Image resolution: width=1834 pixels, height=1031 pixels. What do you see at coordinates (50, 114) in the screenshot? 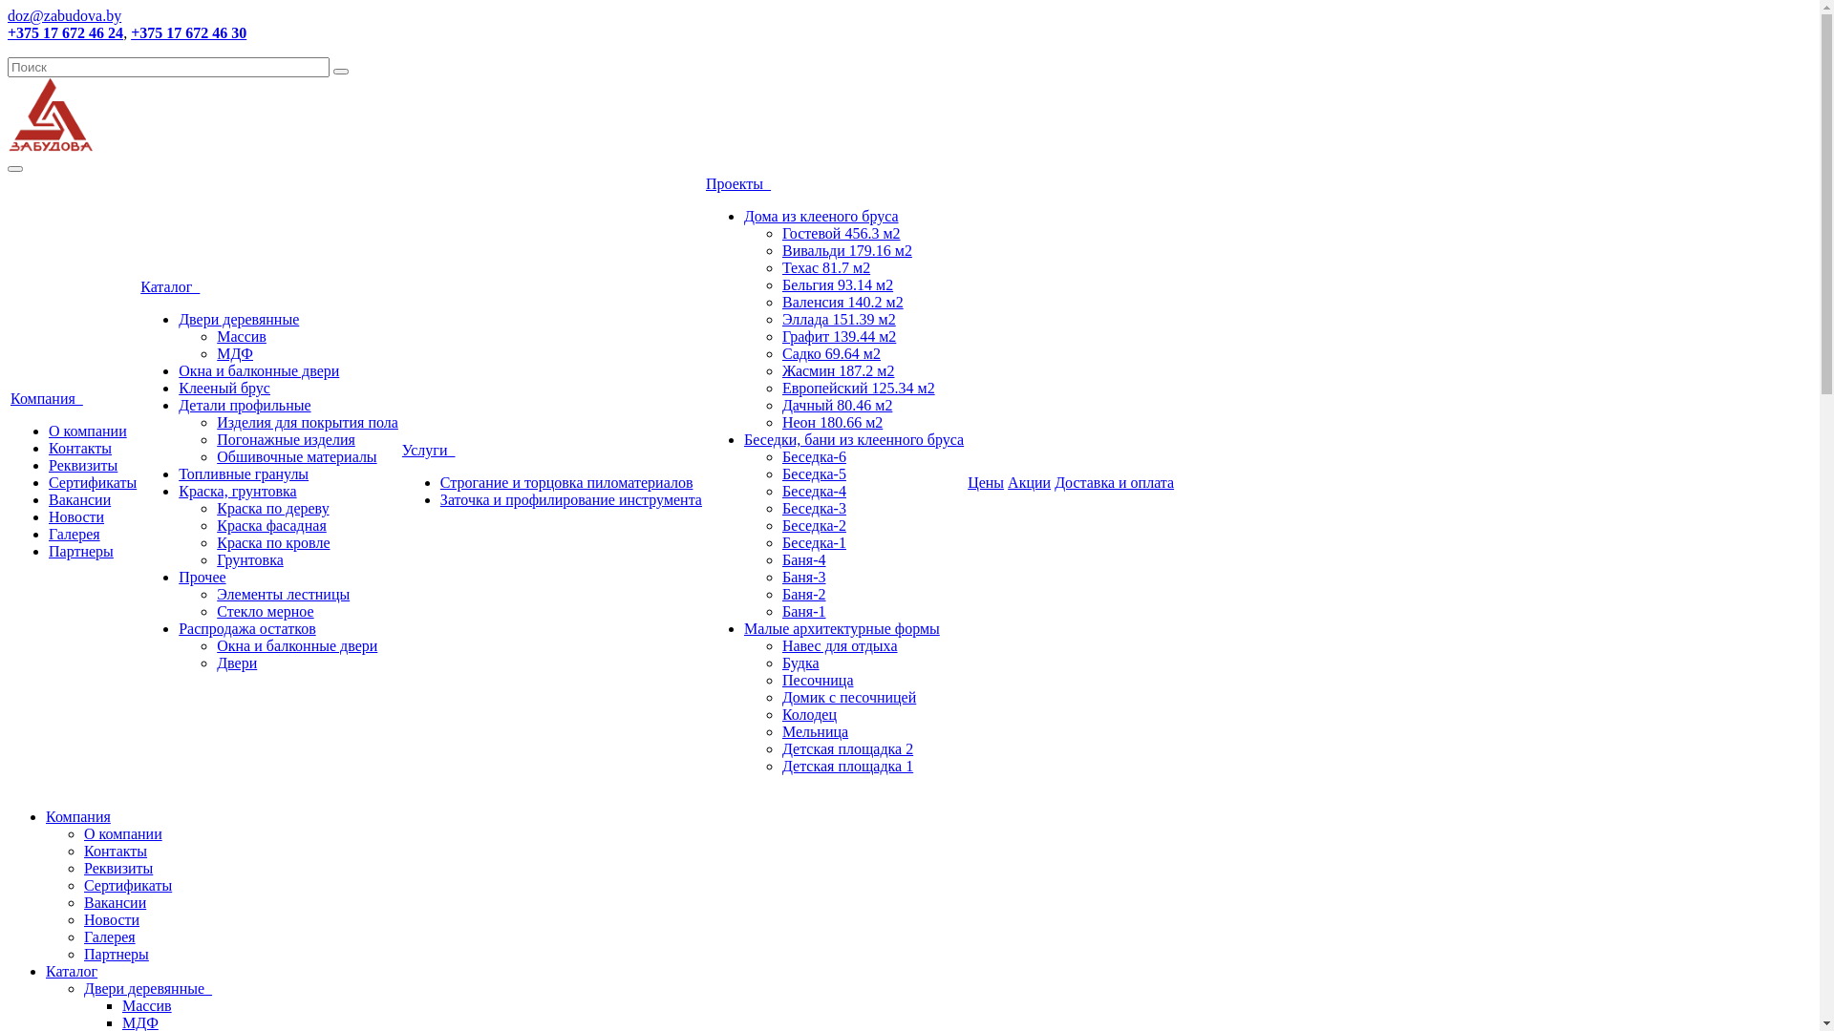
I see `'logo.png'` at bounding box center [50, 114].